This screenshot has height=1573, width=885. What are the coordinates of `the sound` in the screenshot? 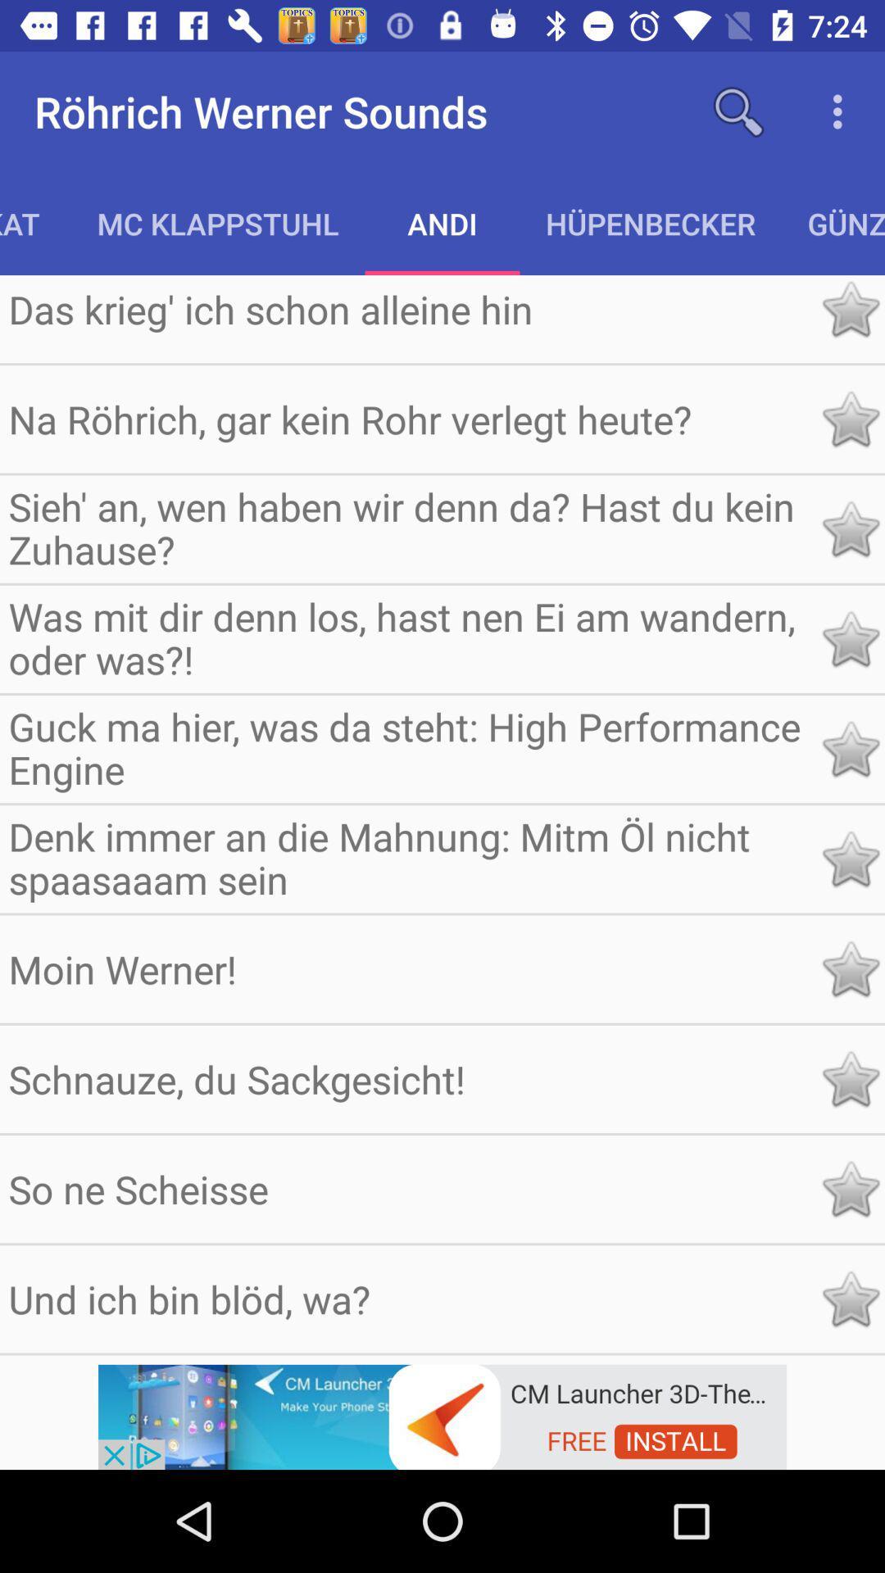 It's located at (849, 1079).